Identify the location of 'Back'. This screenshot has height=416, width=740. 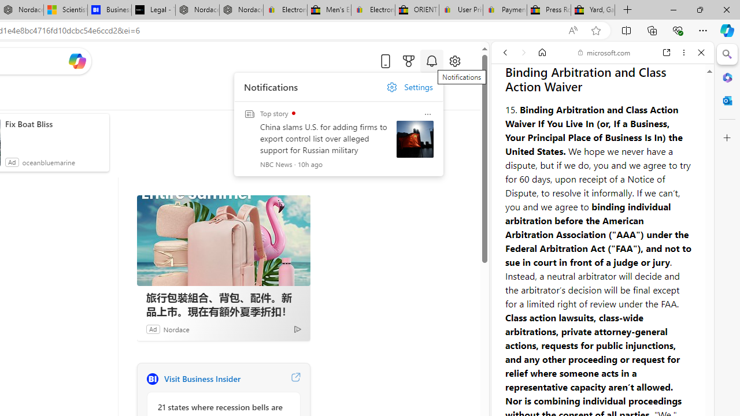
(505, 53).